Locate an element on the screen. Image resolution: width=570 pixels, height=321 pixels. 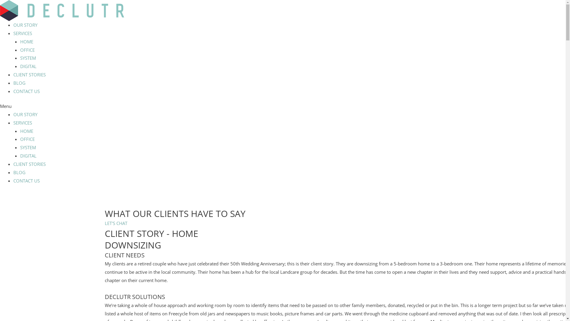
'LET'S CHAT' is located at coordinates (115, 223).